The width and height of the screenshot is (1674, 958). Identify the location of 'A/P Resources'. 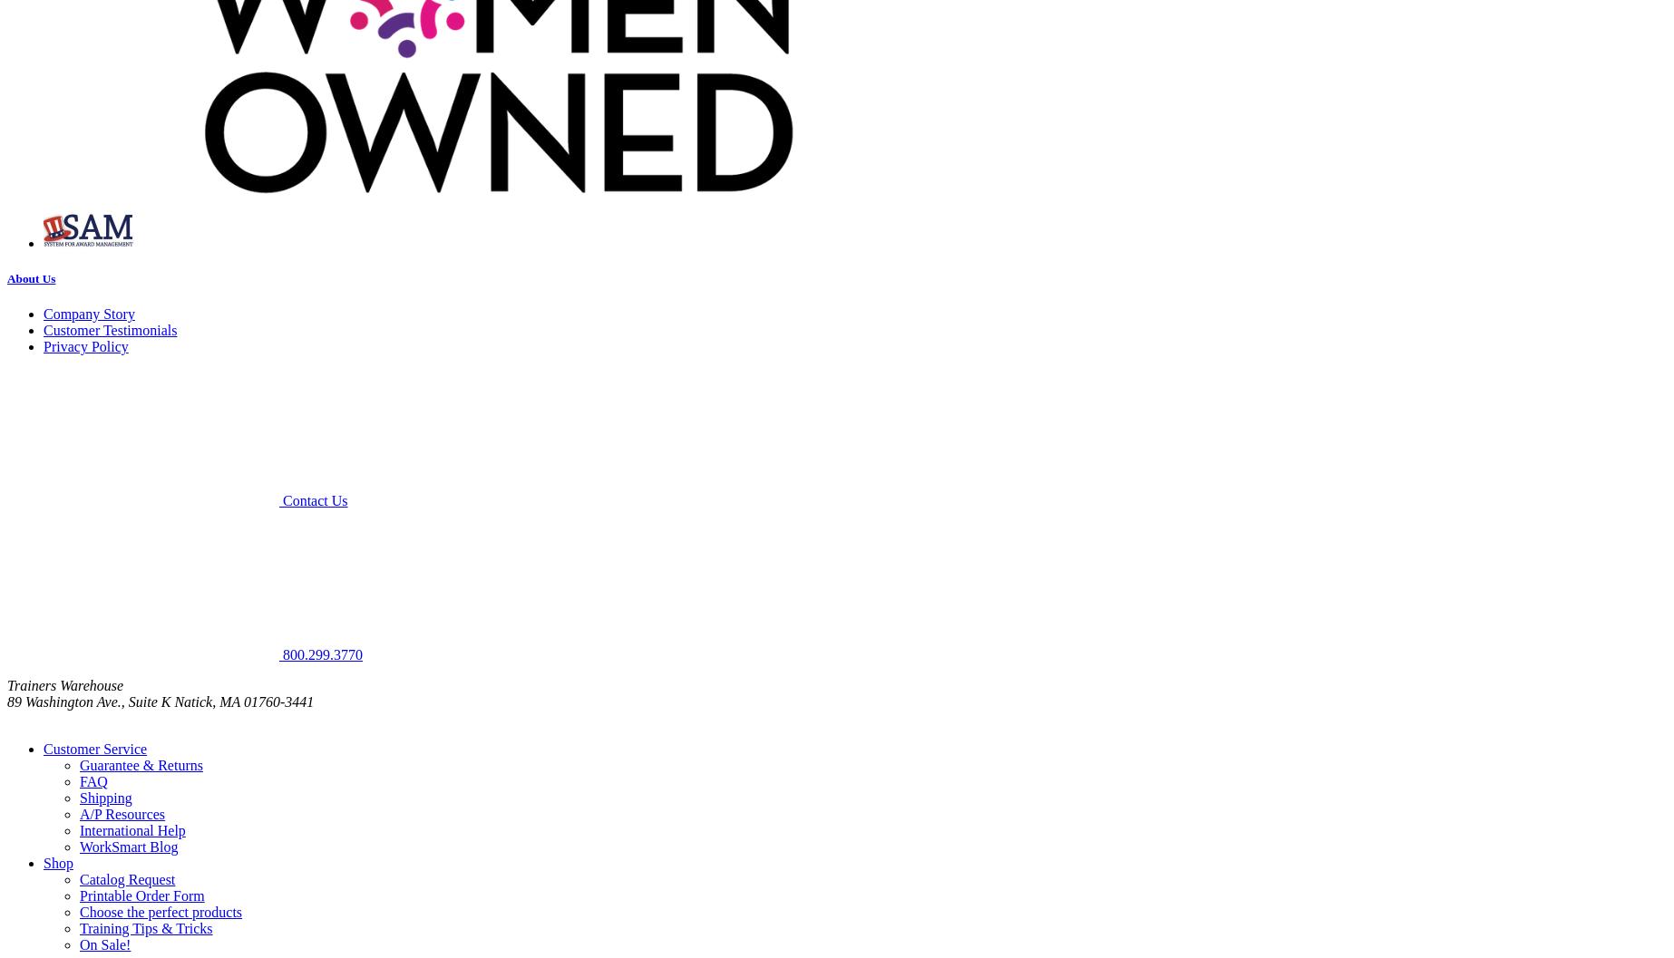
(80, 813).